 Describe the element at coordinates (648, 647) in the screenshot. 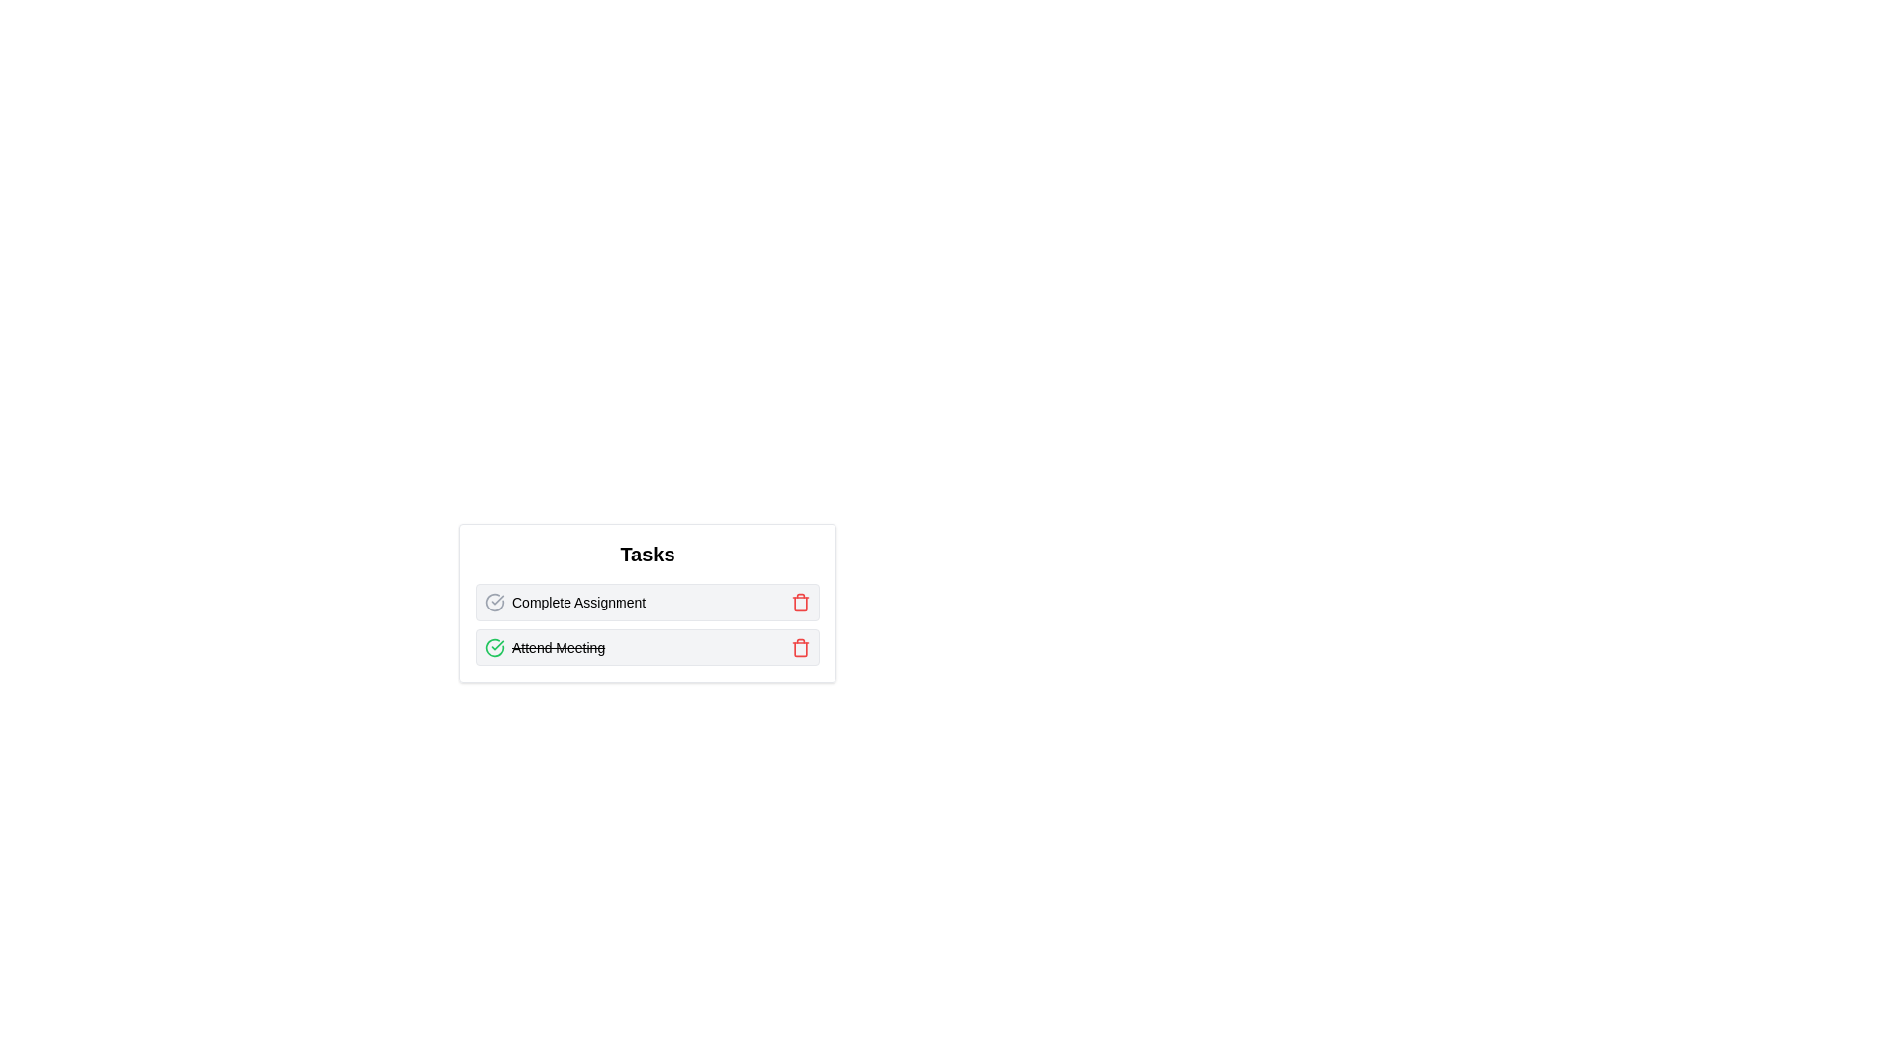

I see `the completed task item 'Attend Meeting' to view or modify its details` at that location.